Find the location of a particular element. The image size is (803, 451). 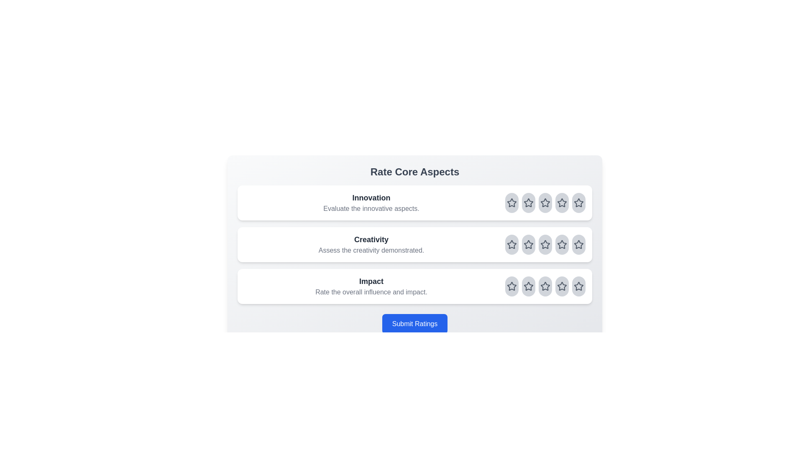

the rating for the aspect Innovation to 5 stars by clicking on the corresponding star is located at coordinates (578, 203).